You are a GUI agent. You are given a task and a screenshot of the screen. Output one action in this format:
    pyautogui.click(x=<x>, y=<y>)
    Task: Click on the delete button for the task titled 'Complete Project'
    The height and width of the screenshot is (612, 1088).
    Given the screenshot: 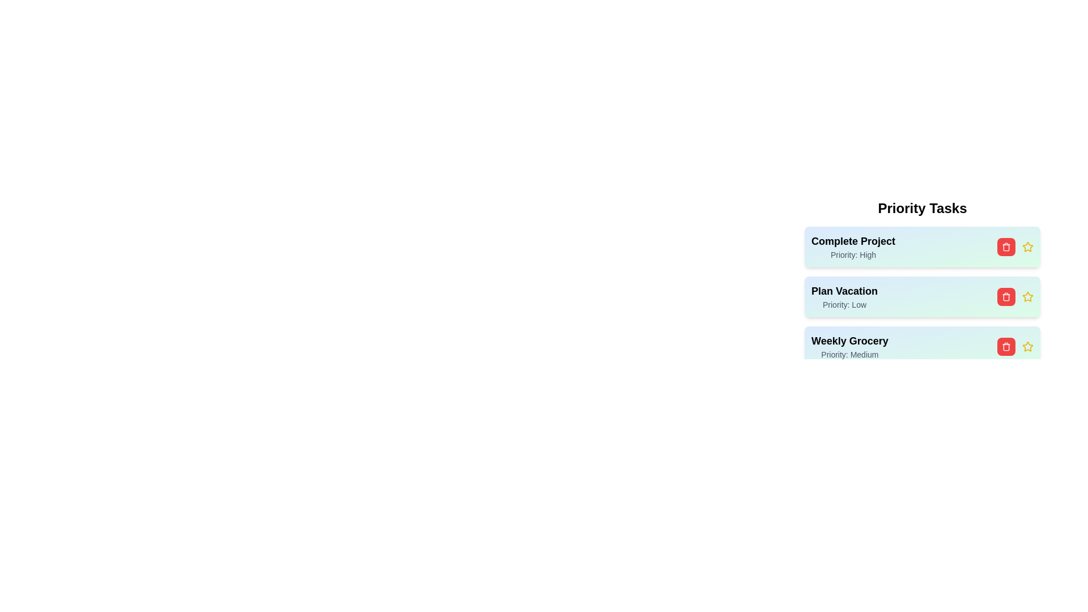 What is the action you would take?
    pyautogui.click(x=1006, y=246)
    